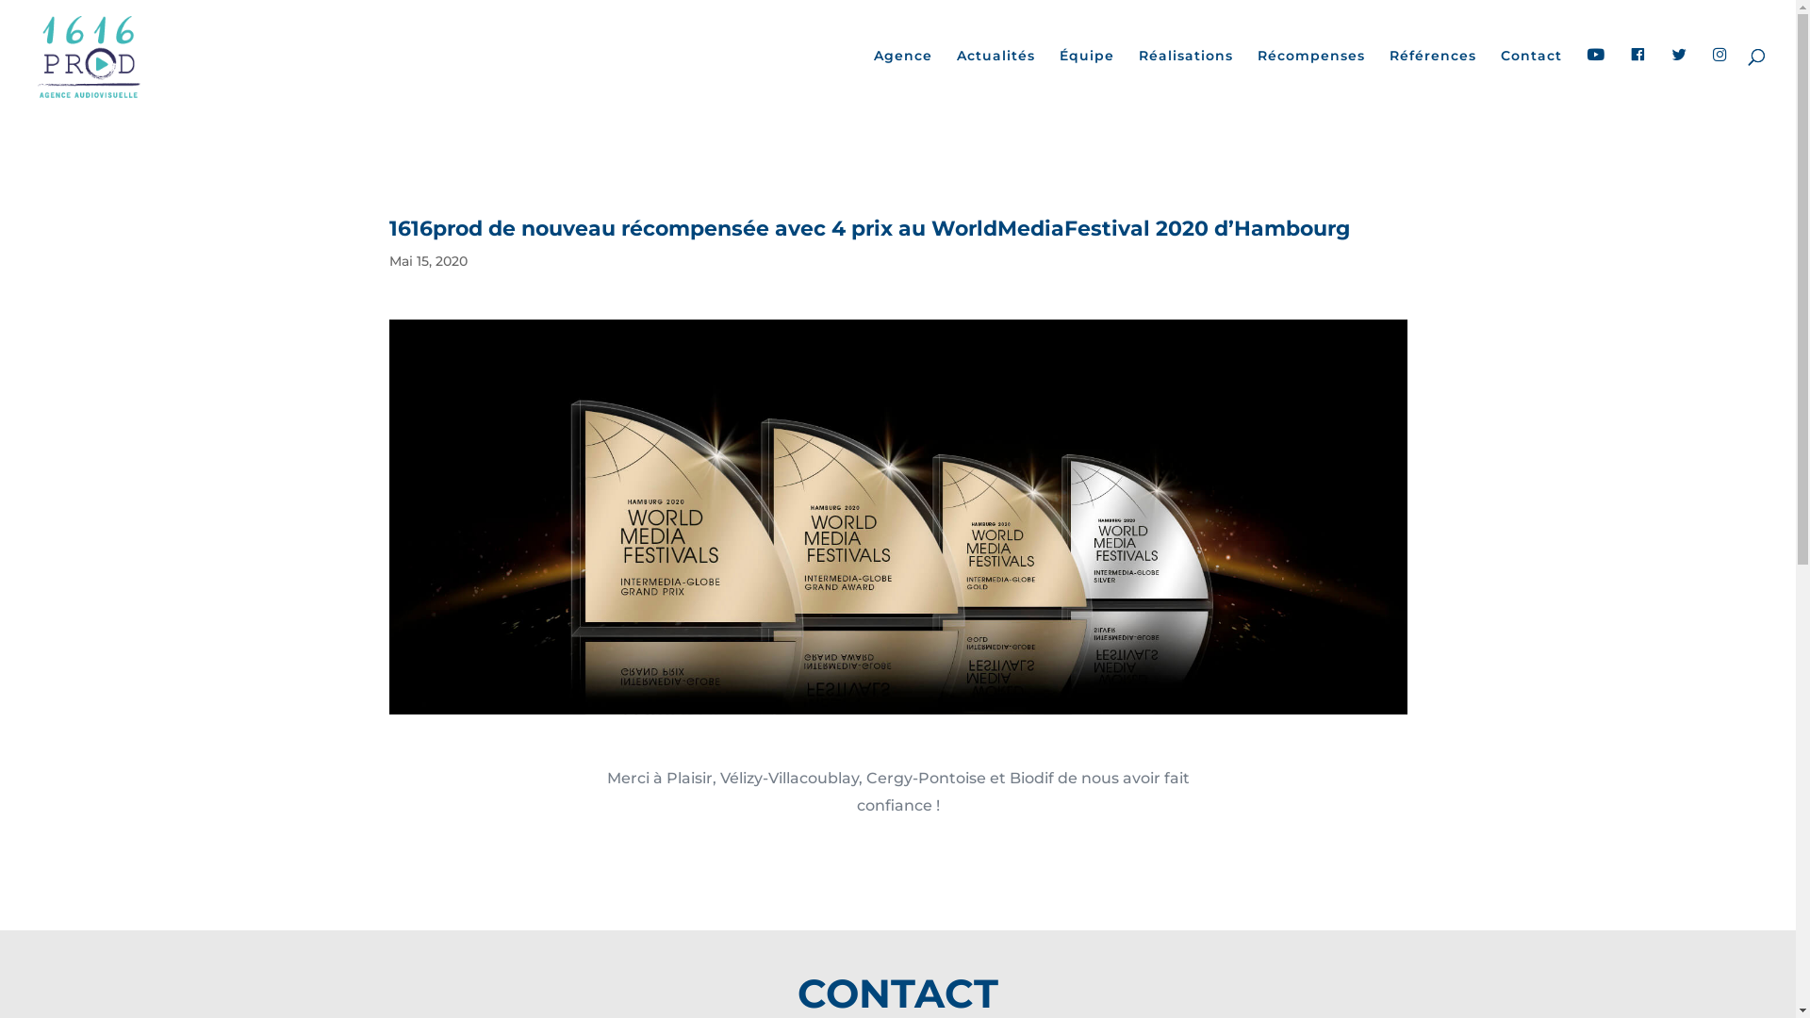 The image size is (1810, 1018). What do you see at coordinates (1679, 79) in the screenshot?
I see `'Twitter'` at bounding box center [1679, 79].